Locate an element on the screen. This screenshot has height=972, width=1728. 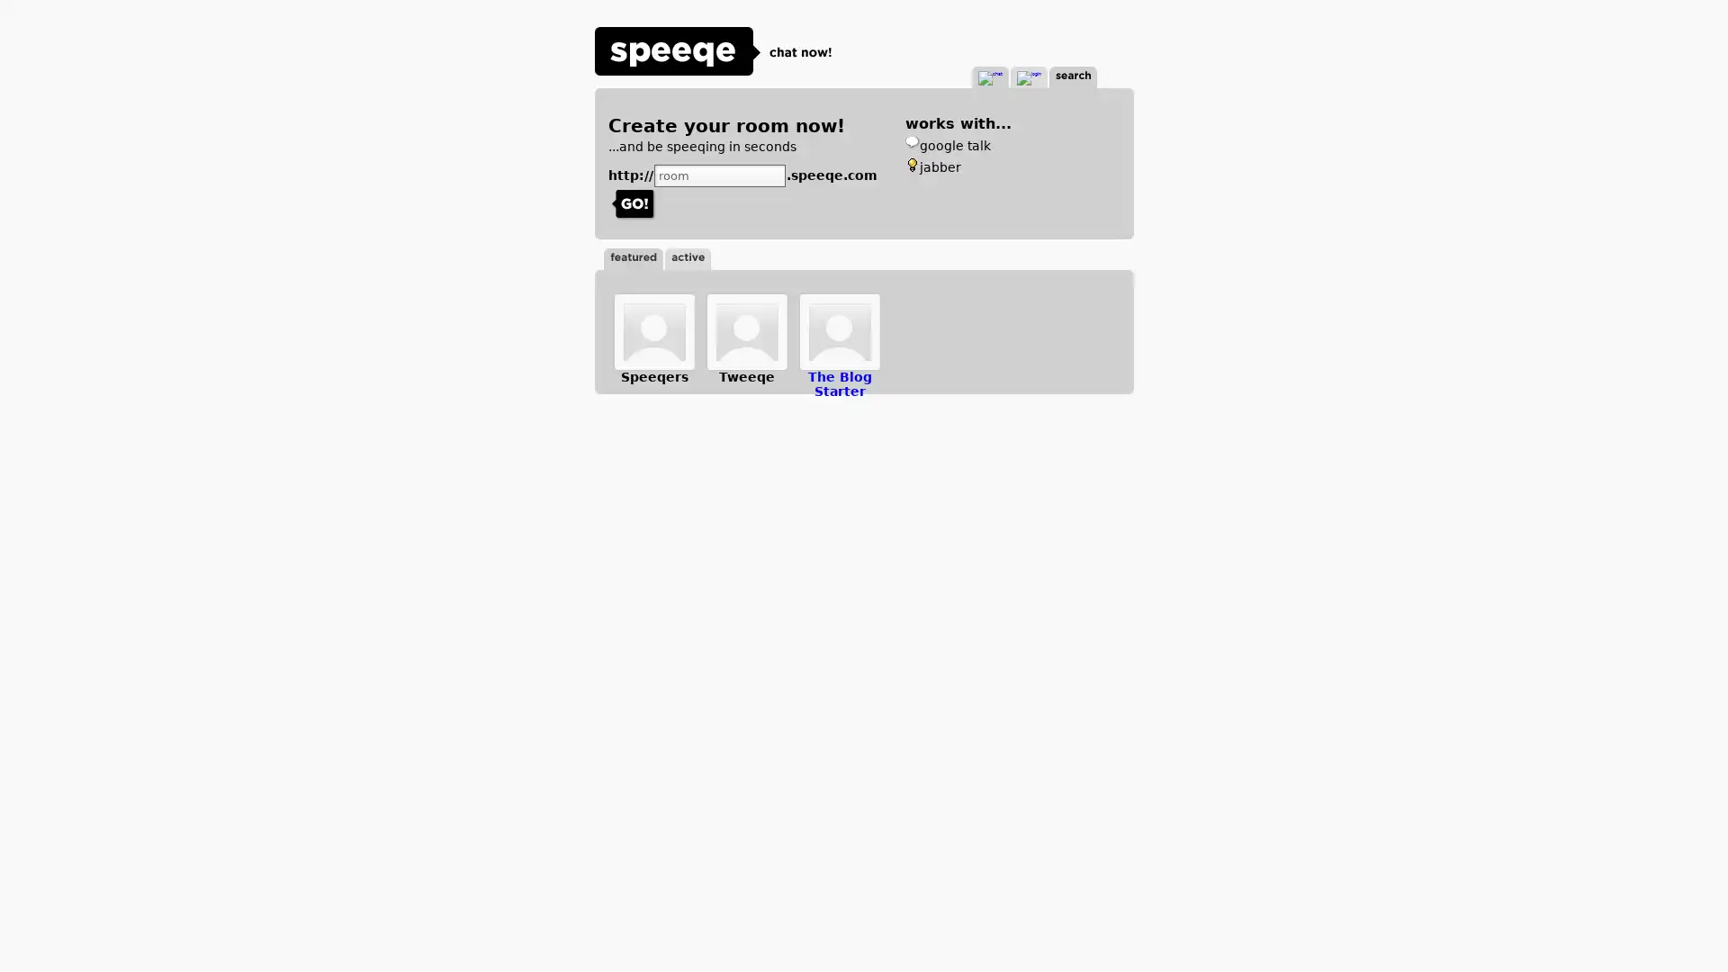
Submit is located at coordinates (631, 203).